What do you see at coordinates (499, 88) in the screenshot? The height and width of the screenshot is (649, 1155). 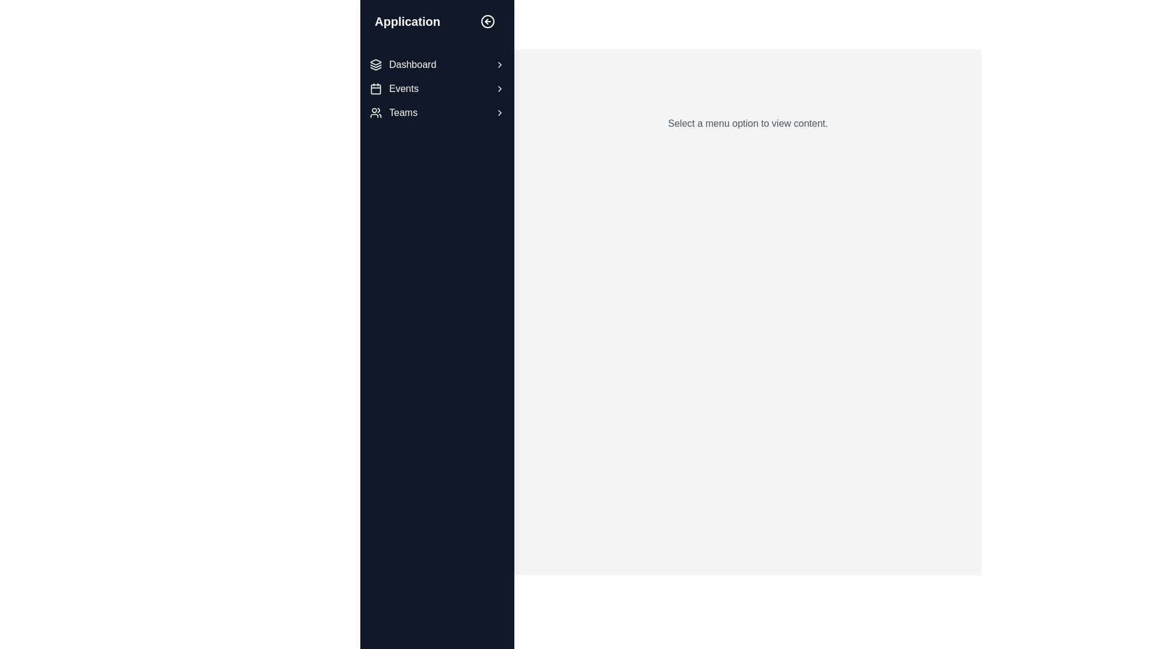 I see `the icon located to the right of the 'Events' label in the sidebar menu` at bounding box center [499, 88].